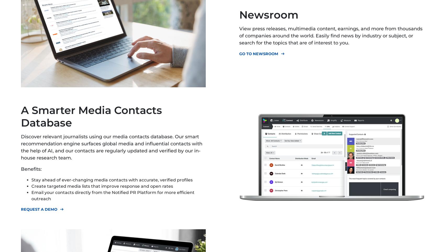 The image size is (445, 252). Describe the element at coordinates (112, 180) in the screenshot. I see `'Stay ahead of ever-changing media contacts with accurate, verified profiles'` at that location.